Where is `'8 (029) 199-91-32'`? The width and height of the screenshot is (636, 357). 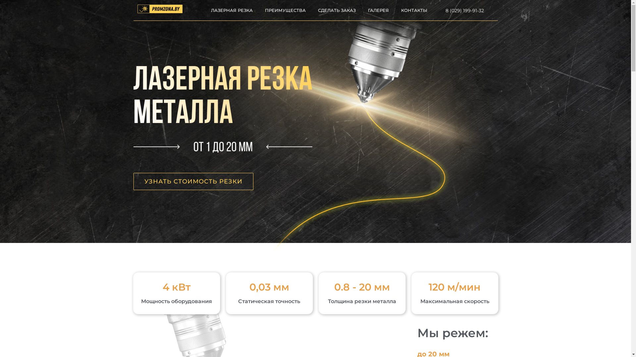
'8 (029) 199-91-32' is located at coordinates (464, 10).